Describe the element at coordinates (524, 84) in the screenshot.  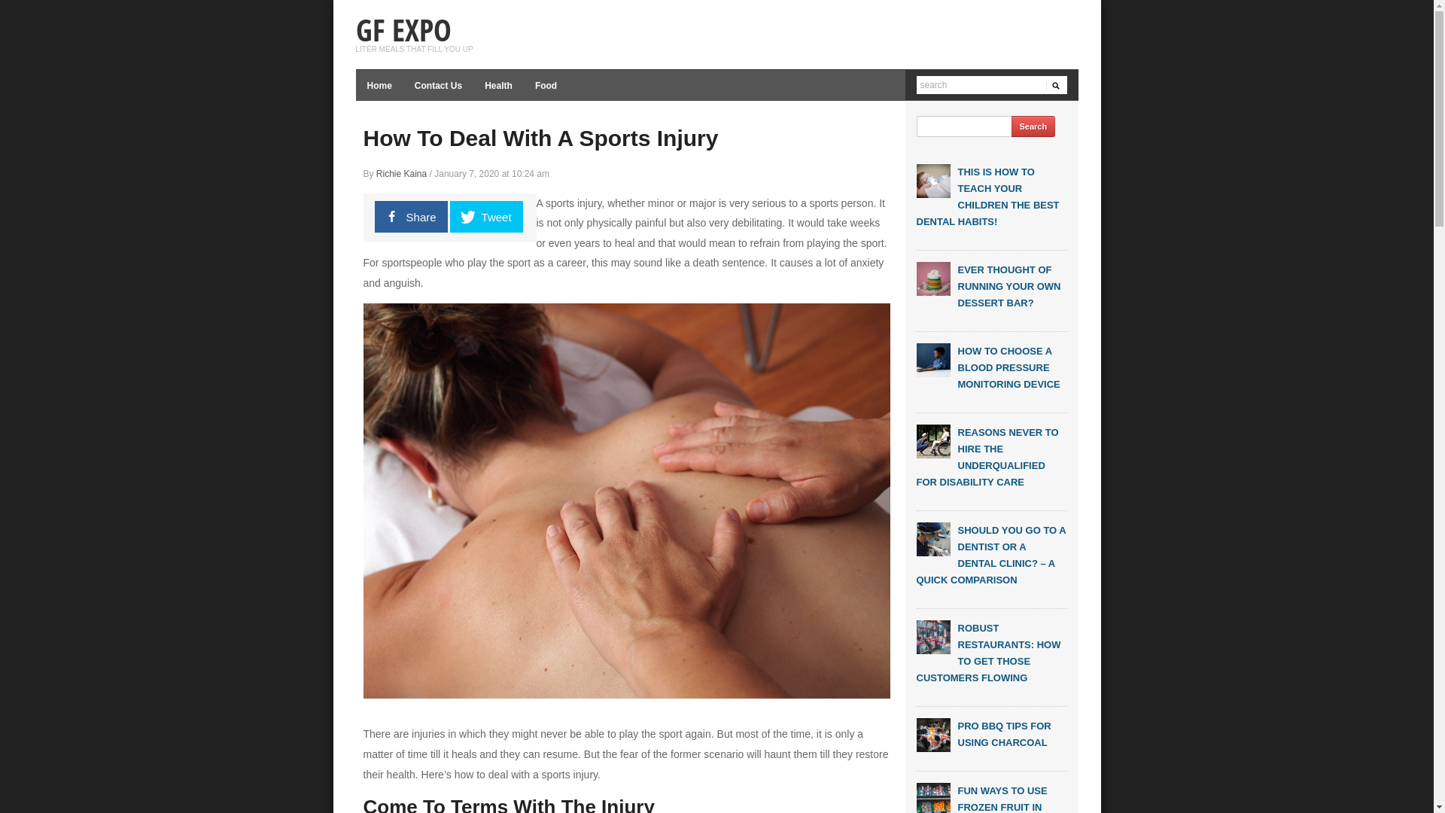
I see `'Food'` at that location.